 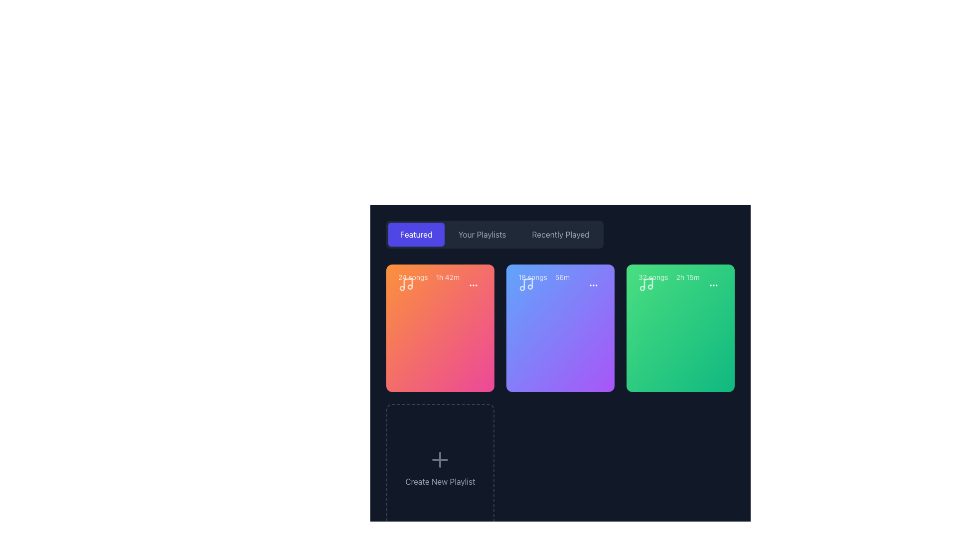 I want to click on the circular plus icon button, which is located above the 'Create New Playlist' label, to create a new playlist, so click(x=440, y=459).